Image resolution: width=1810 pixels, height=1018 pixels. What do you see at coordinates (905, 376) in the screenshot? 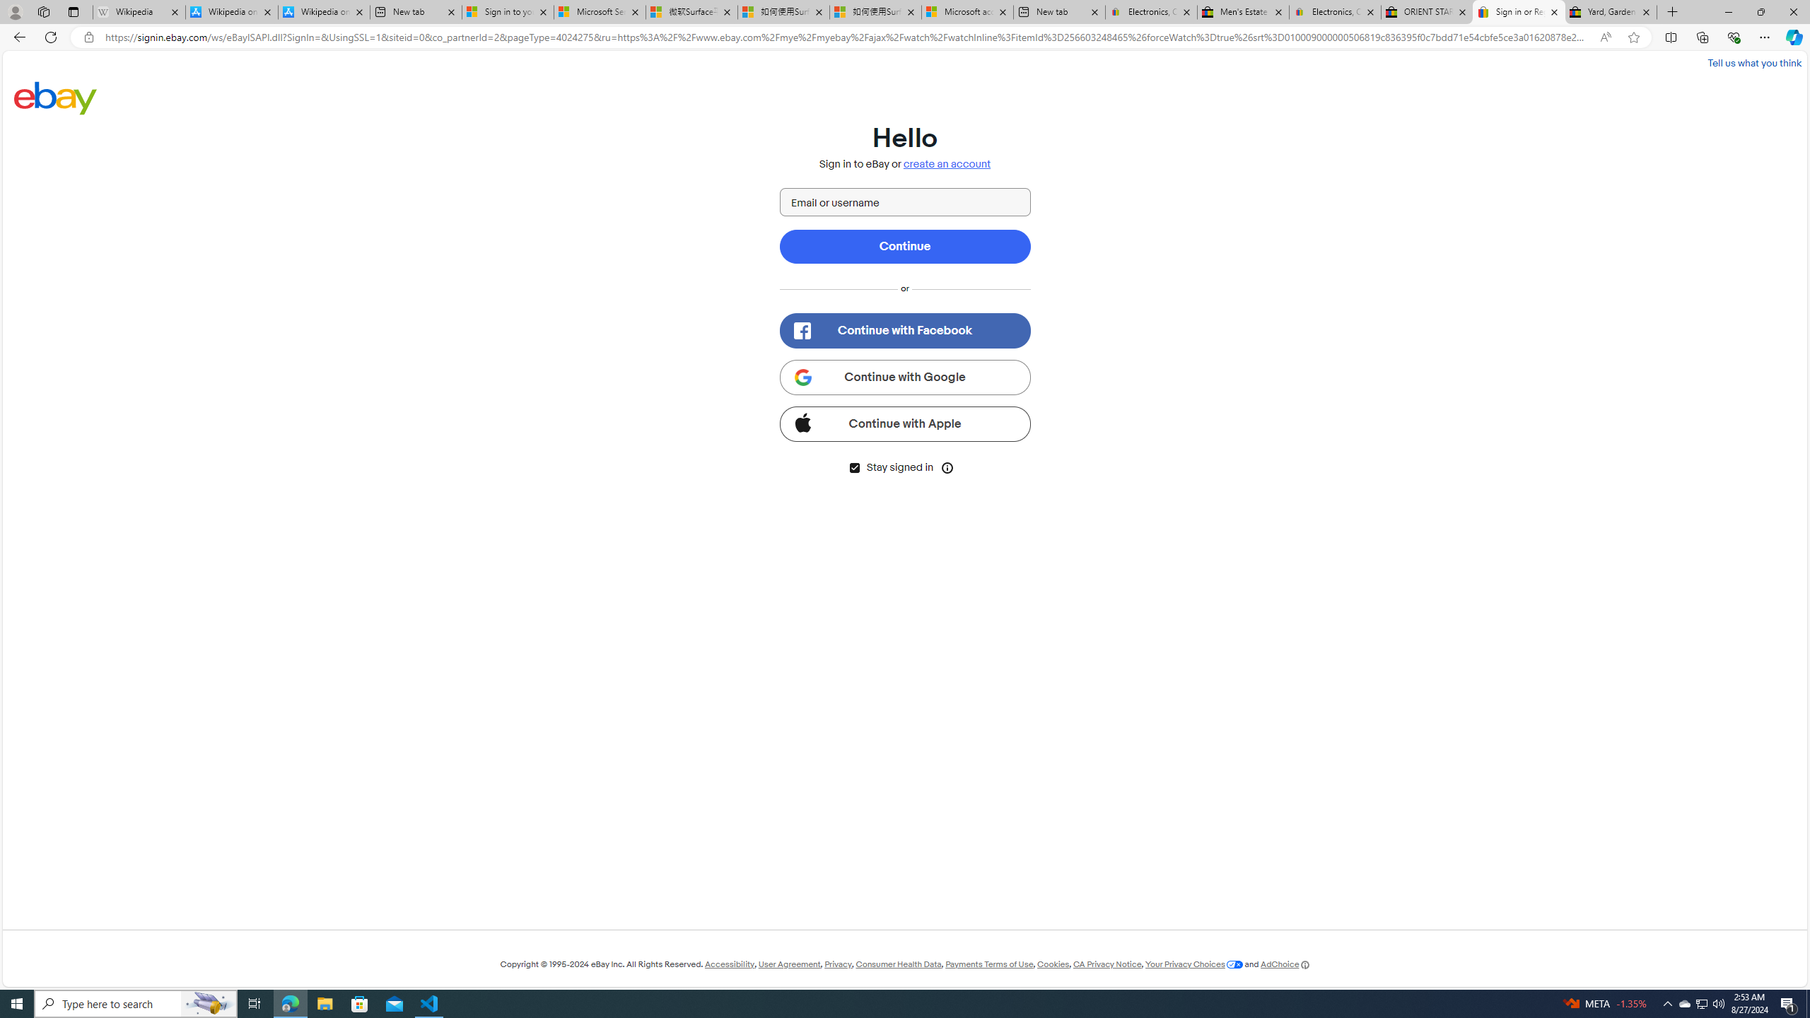
I see `'Continue with Google'` at bounding box center [905, 376].